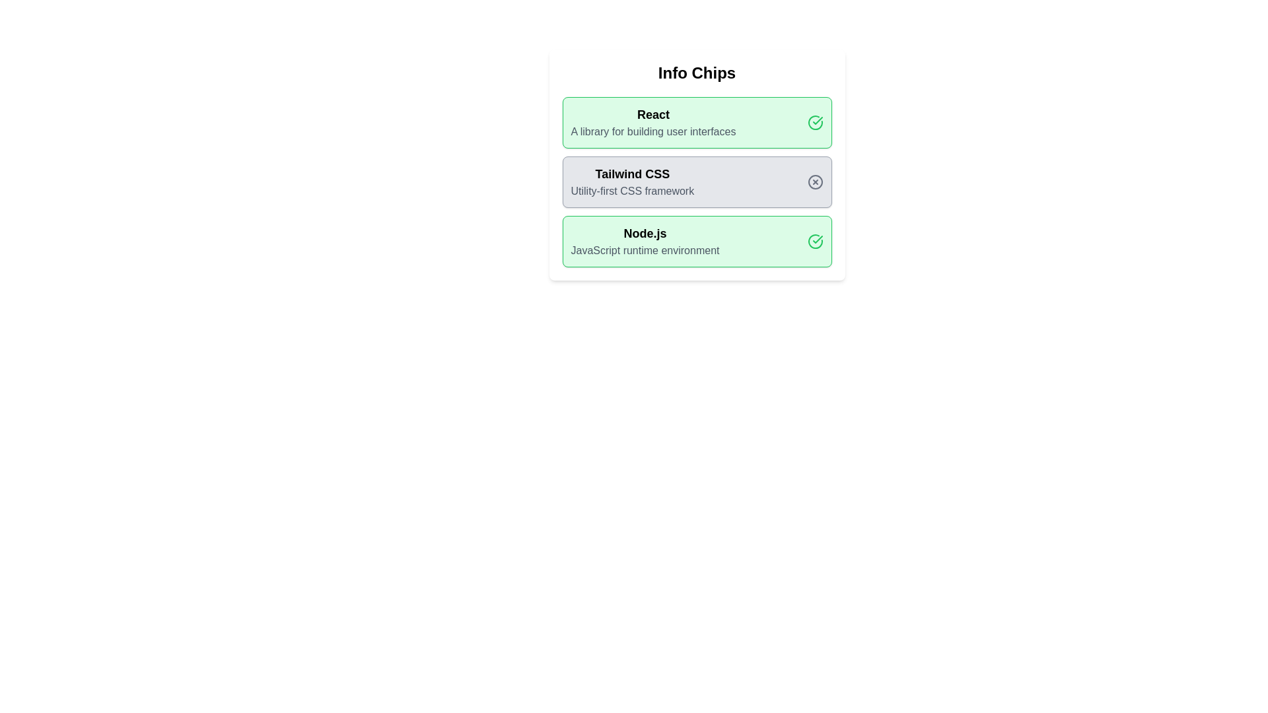 This screenshot has height=713, width=1268. What do you see at coordinates (696, 122) in the screenshot?
I see `the chip labeled React` at bounding box center [696, 122].